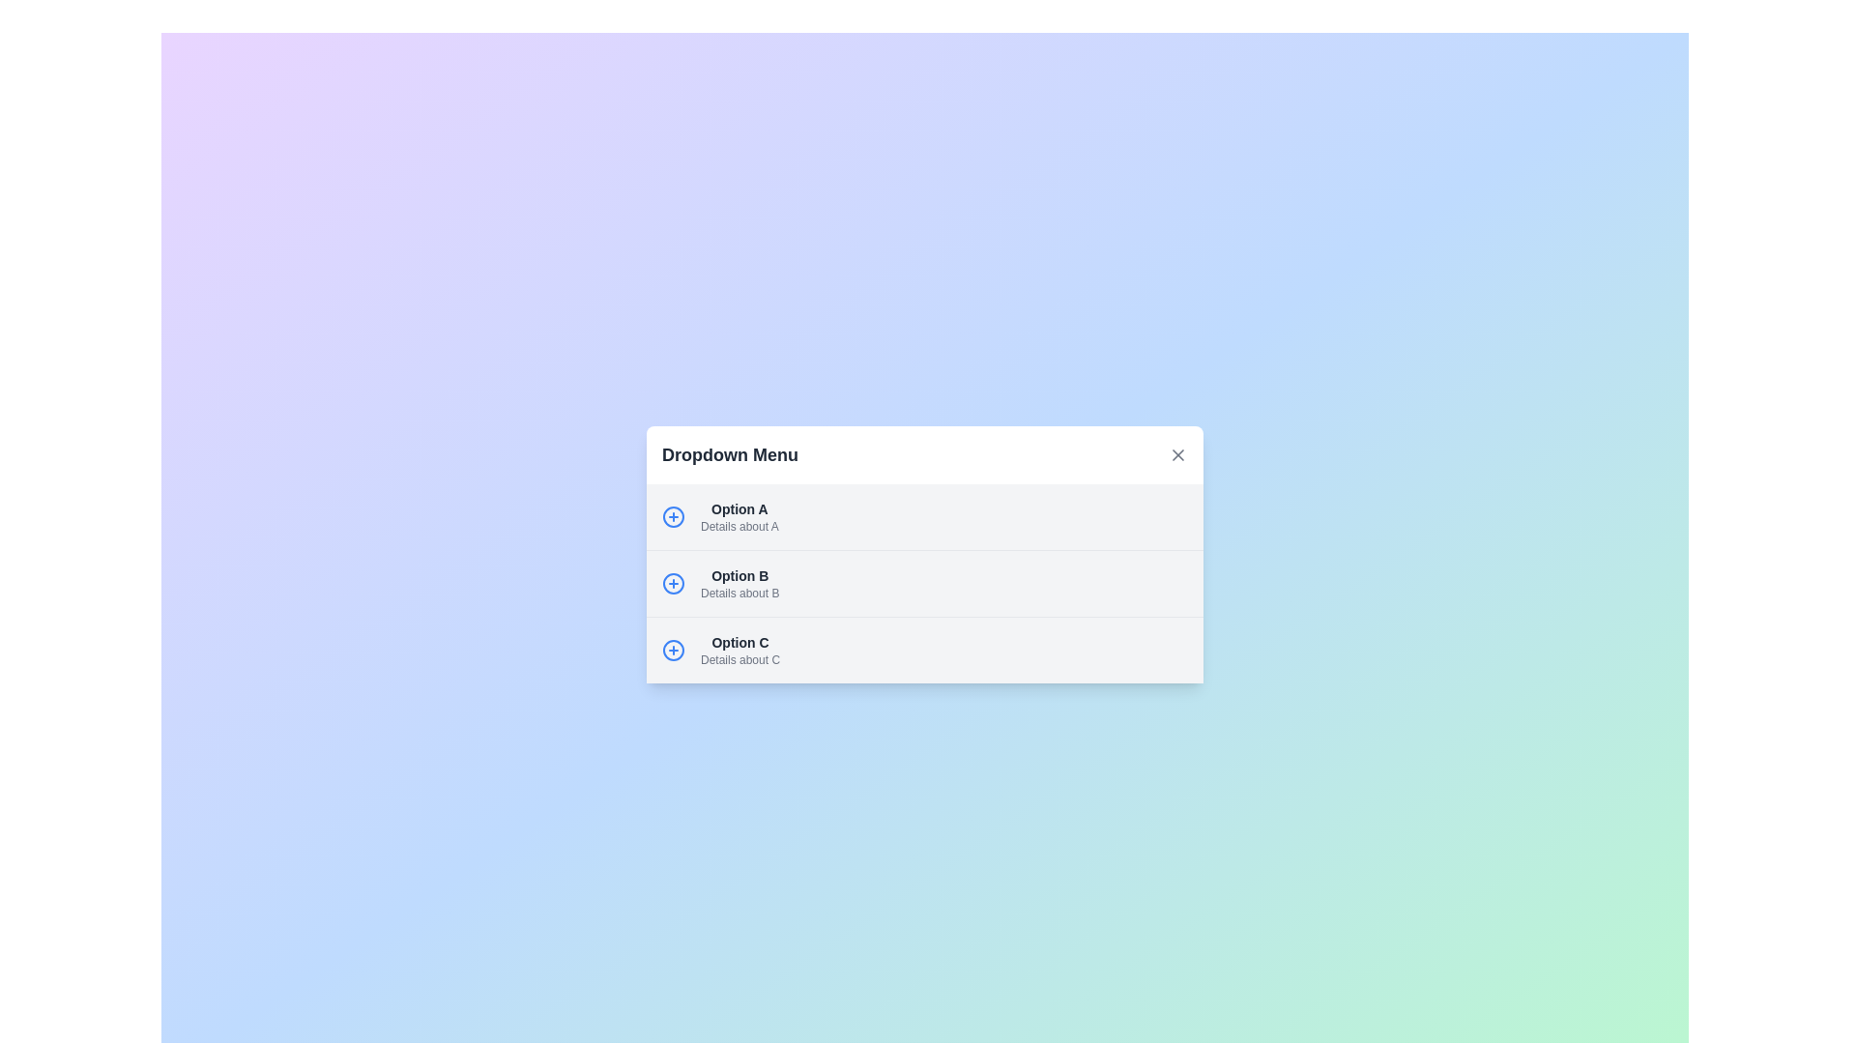 The height and width of the screenshot is (1044, 1856). Describe the element at coordinates (673, 583) in the screenshot. I see `the actionable icon button located in the middle row of the dropdown menu options, positioned to the left of 'Option B'` at that location.